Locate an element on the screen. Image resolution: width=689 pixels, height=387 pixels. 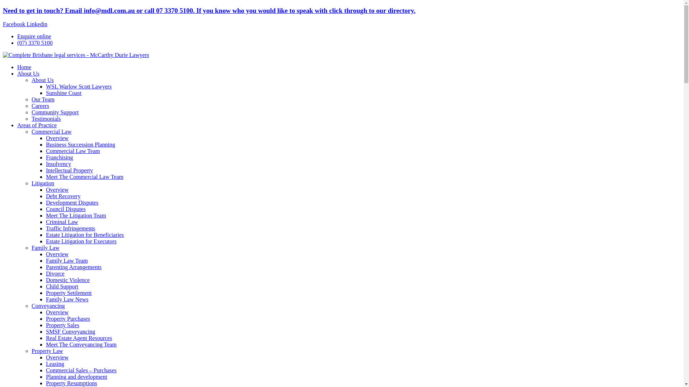
'WSL Warlow Scott Lawyers' is located at coordinates (79, 86).